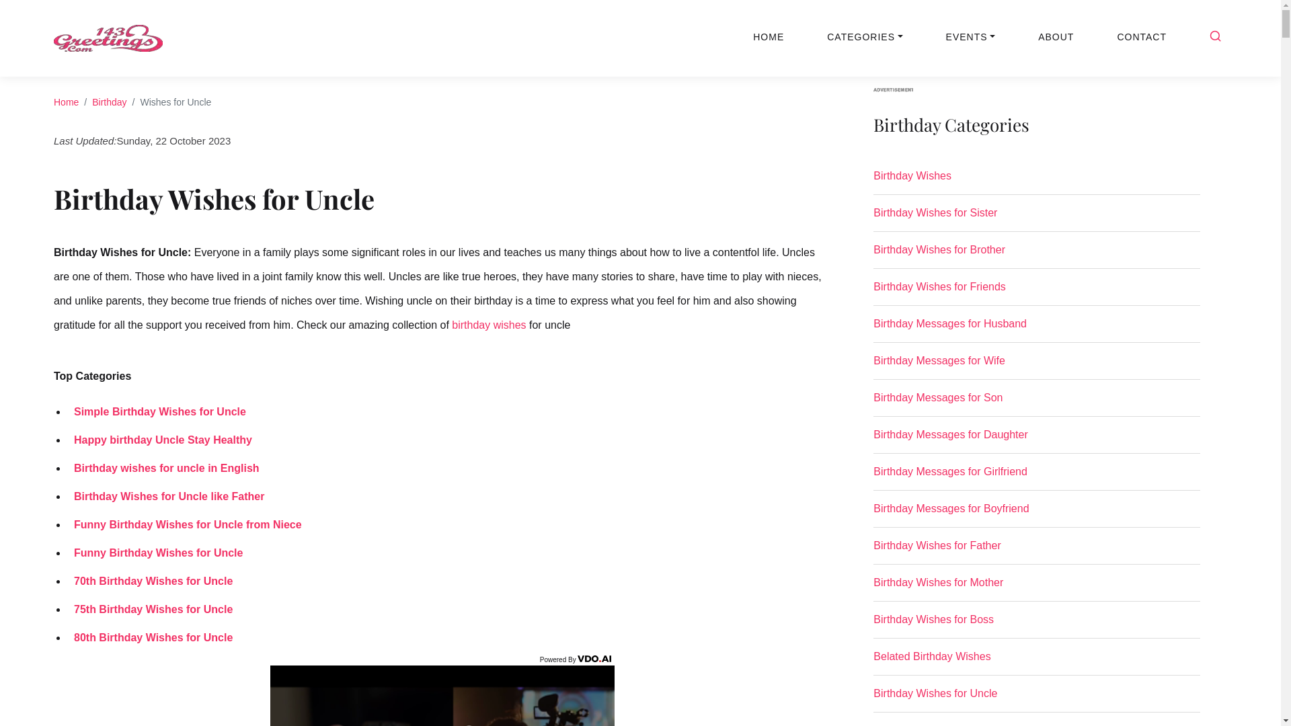 Image resolution: width=1291 pixels, height=726 pixels. What do you see at coordinates (1035, 551) in the screenshot?
I see `'Birthday Wishes for Father'` at bounding box center [1035, 551].